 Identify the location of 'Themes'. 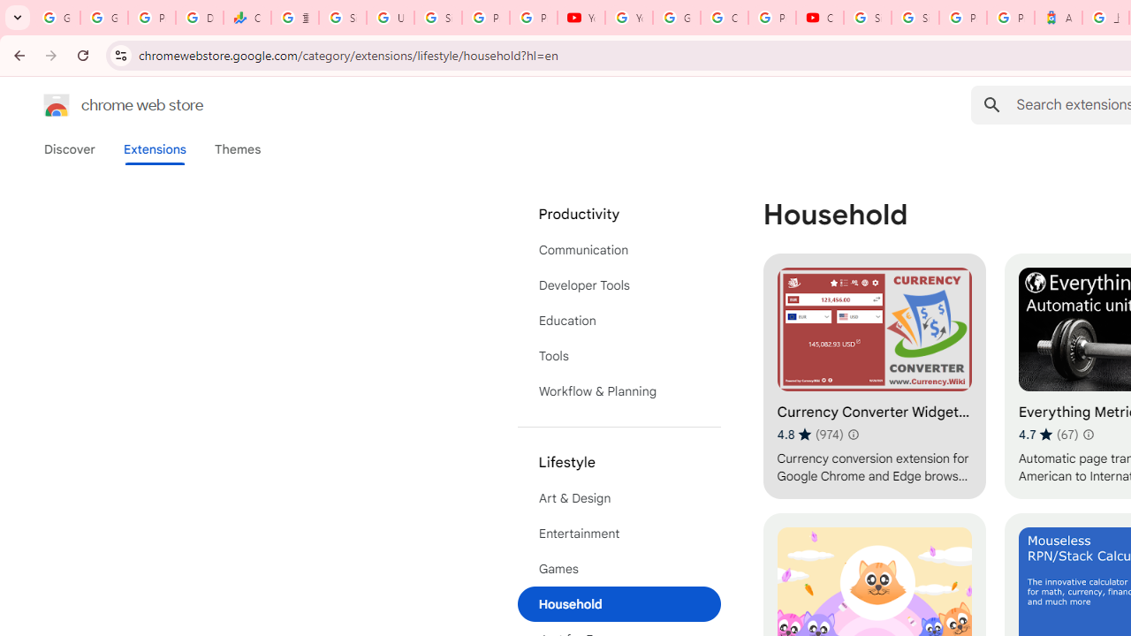
(237, 148).